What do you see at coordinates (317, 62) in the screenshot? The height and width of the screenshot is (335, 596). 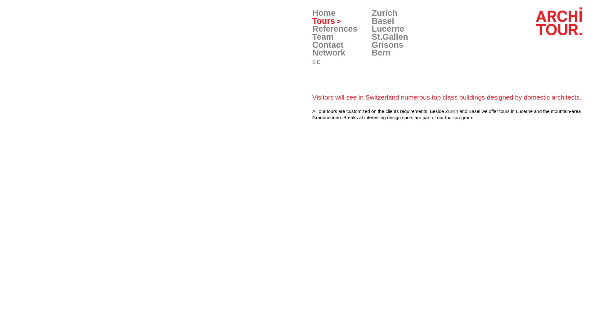 I see `'E'` at bounding box center [317, 62].